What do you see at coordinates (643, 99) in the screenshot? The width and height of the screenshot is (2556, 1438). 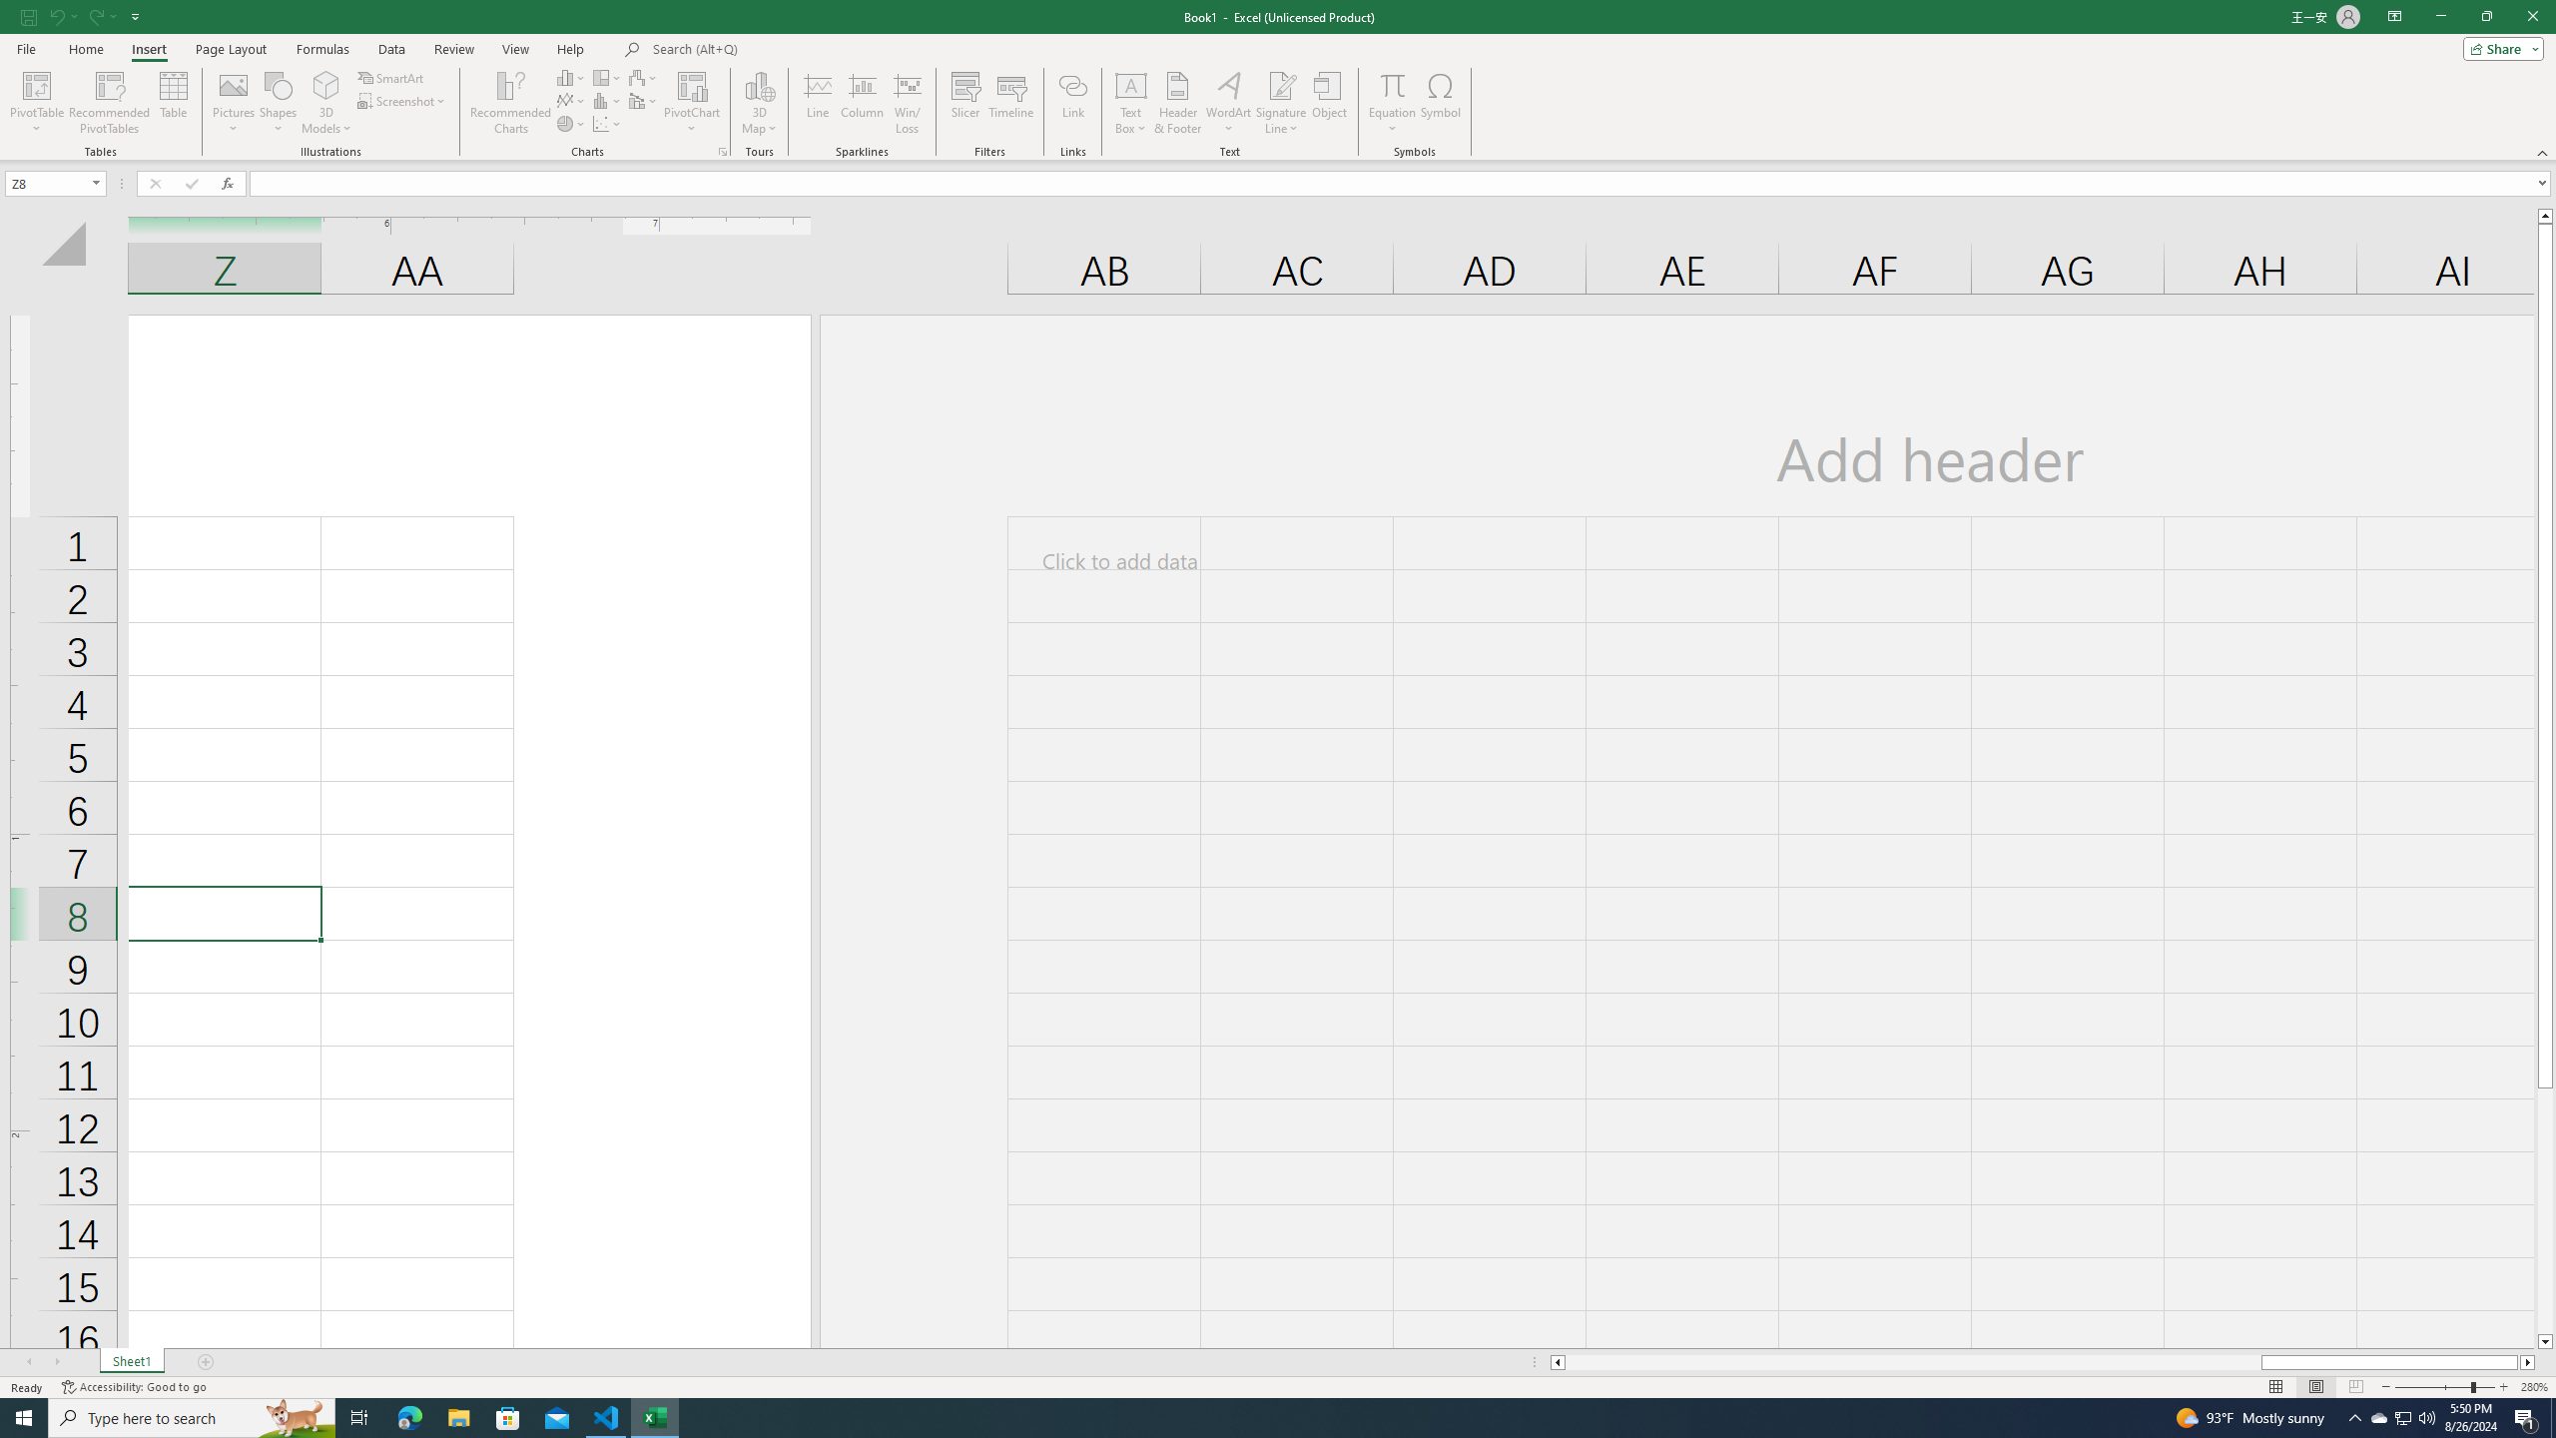 I see `'Insert Combo Chart'` at bounding box center [643, 99].